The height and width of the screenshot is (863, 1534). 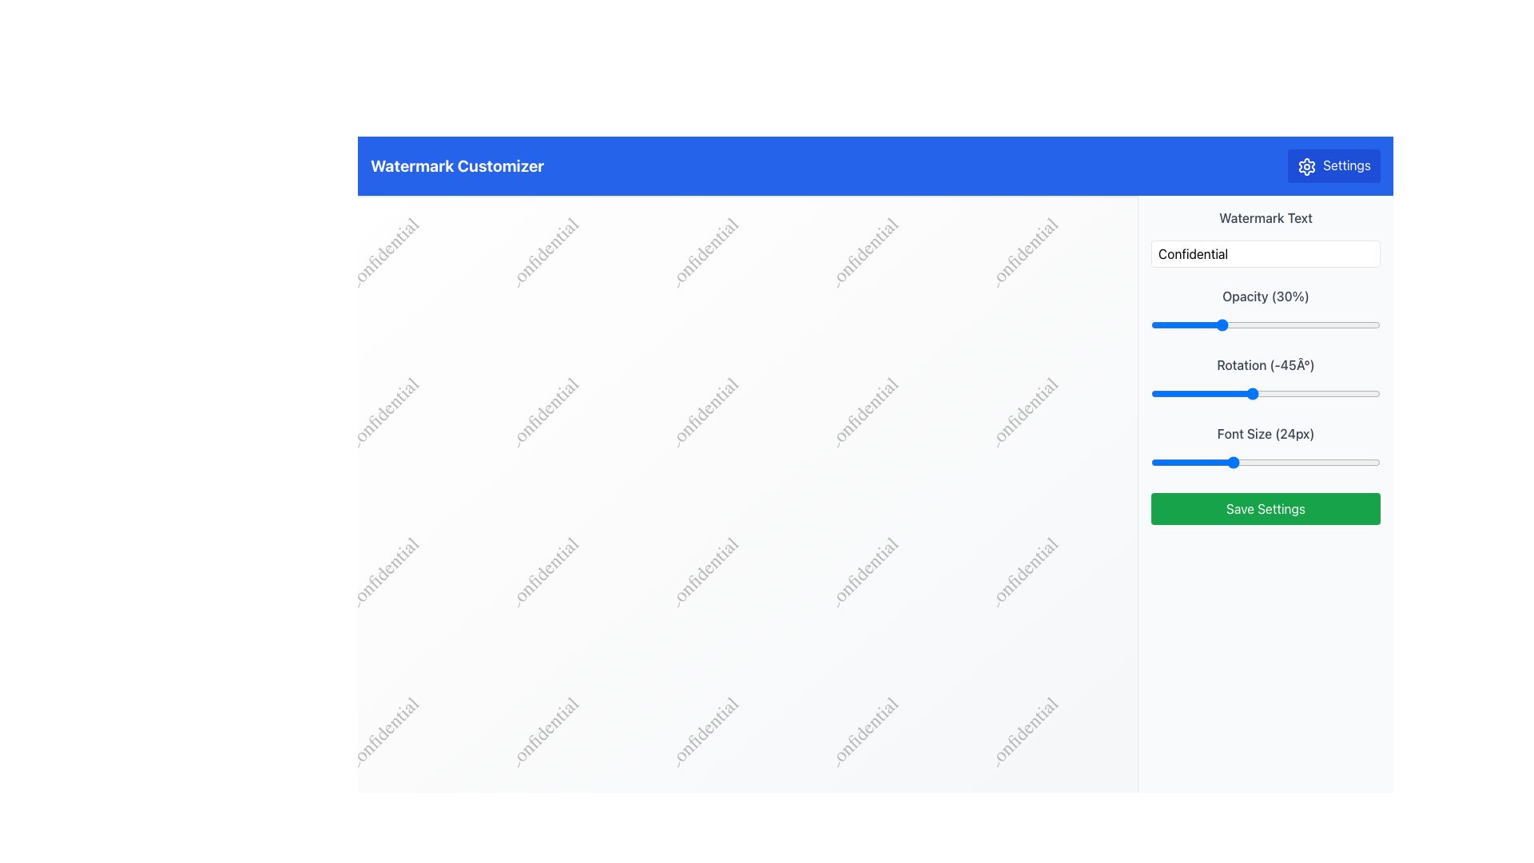 What do you see at coordinates (1230, 393) in the screenshot?
I see `rotation` at bounding box center [1230, 393].